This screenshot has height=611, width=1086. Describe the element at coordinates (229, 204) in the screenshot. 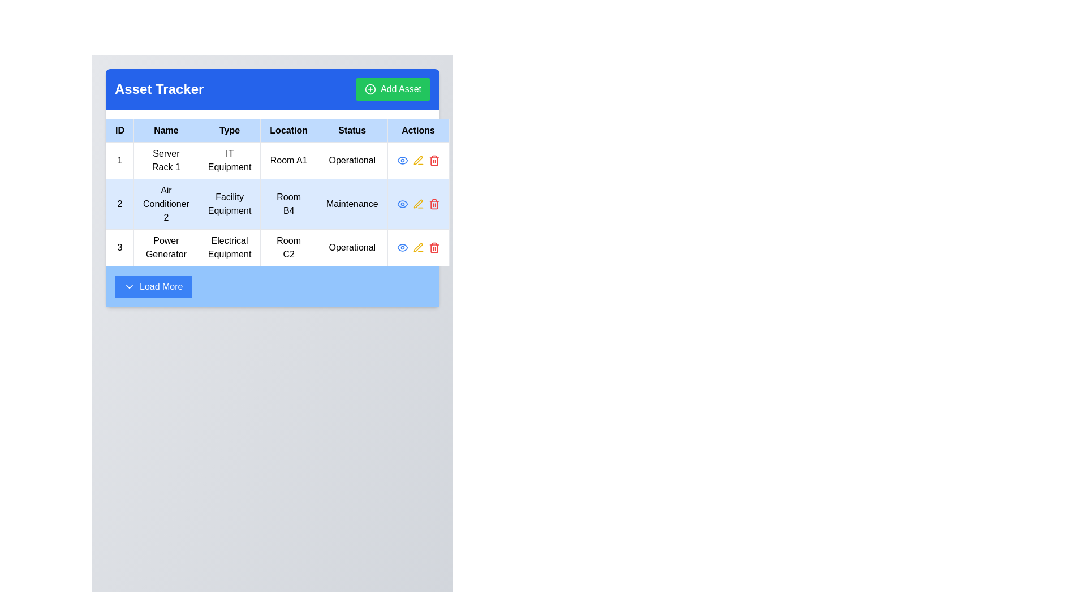

I see `static text field that describes the asset type in the third column of the second row of the table, located between 'Air Conditioner 2' and 'Room B4'` at that location.